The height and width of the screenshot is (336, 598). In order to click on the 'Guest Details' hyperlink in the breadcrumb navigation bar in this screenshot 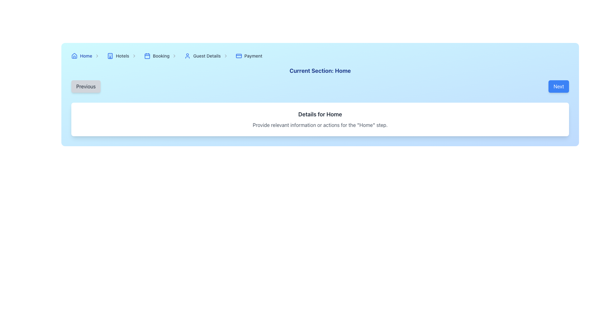, I will do `click(207, 56)`.